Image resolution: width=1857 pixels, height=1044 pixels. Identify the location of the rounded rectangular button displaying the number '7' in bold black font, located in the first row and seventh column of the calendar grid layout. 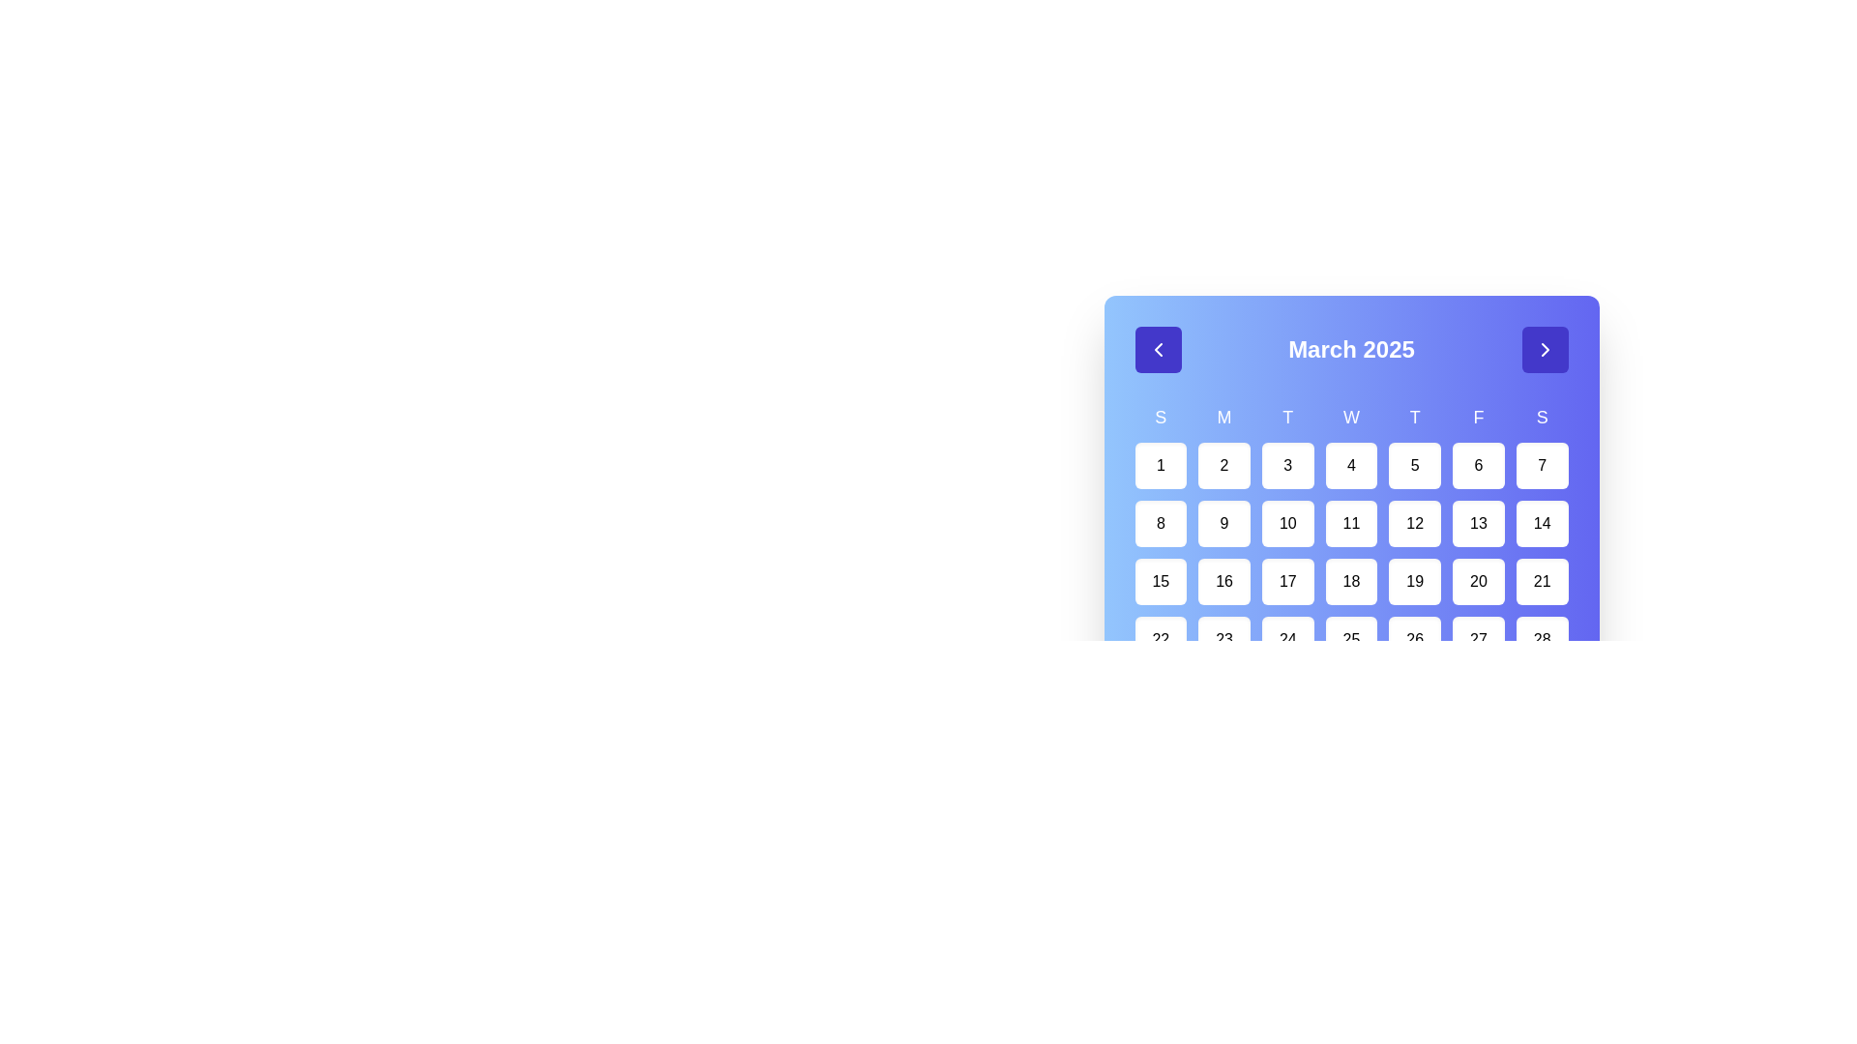
(1541, 466).